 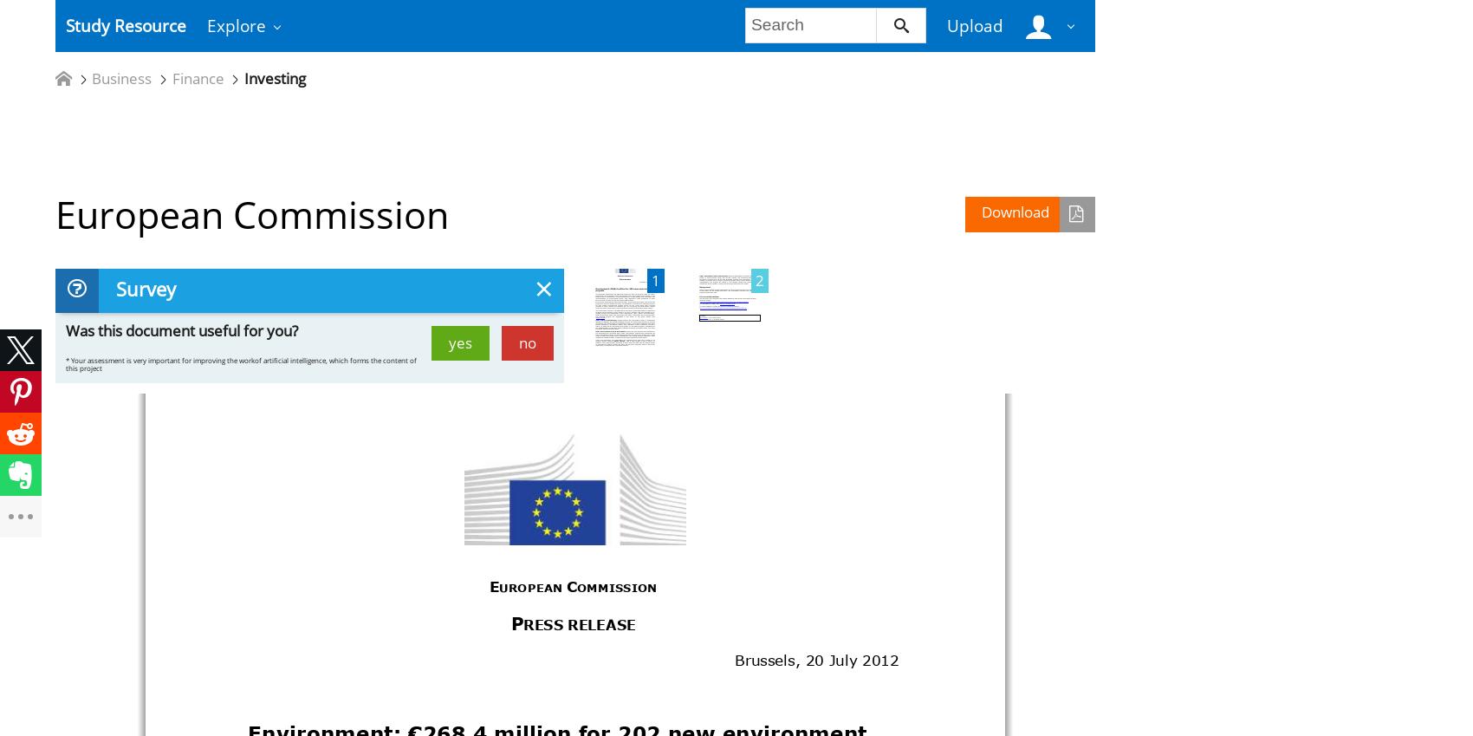 What do you see at coordinates (241, 363) in the screenshot?
I see `'* Your assessment is very important for improving the workof artificial intelligence, which forms the content of this project'` at bounding box center [241, 363].